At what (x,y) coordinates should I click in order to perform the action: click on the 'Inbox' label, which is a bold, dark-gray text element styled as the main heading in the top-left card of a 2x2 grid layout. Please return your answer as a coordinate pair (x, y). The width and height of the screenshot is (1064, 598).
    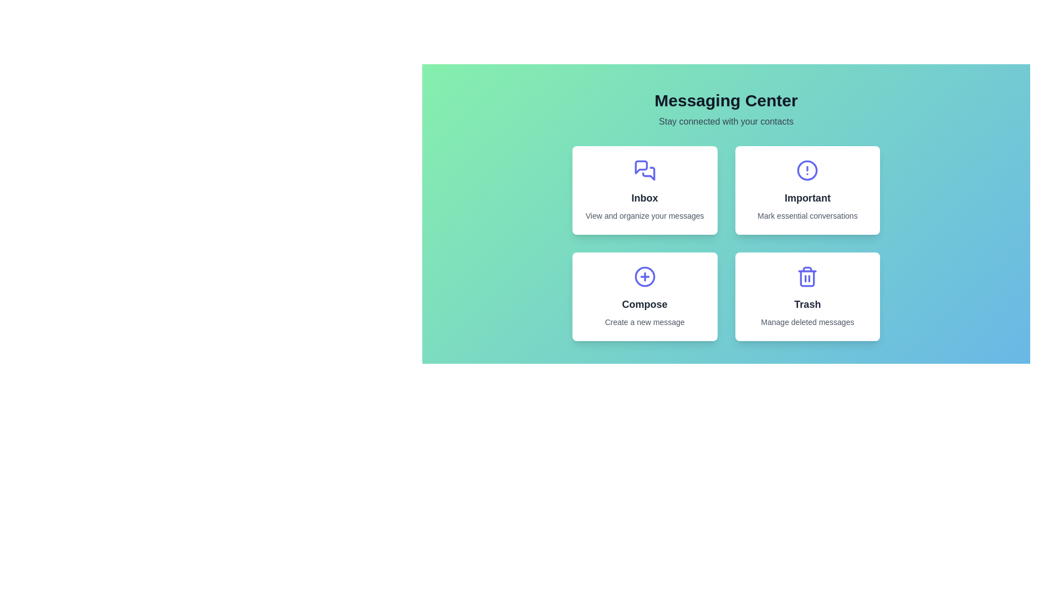
    Looking at the image, I should click on (644, 198).